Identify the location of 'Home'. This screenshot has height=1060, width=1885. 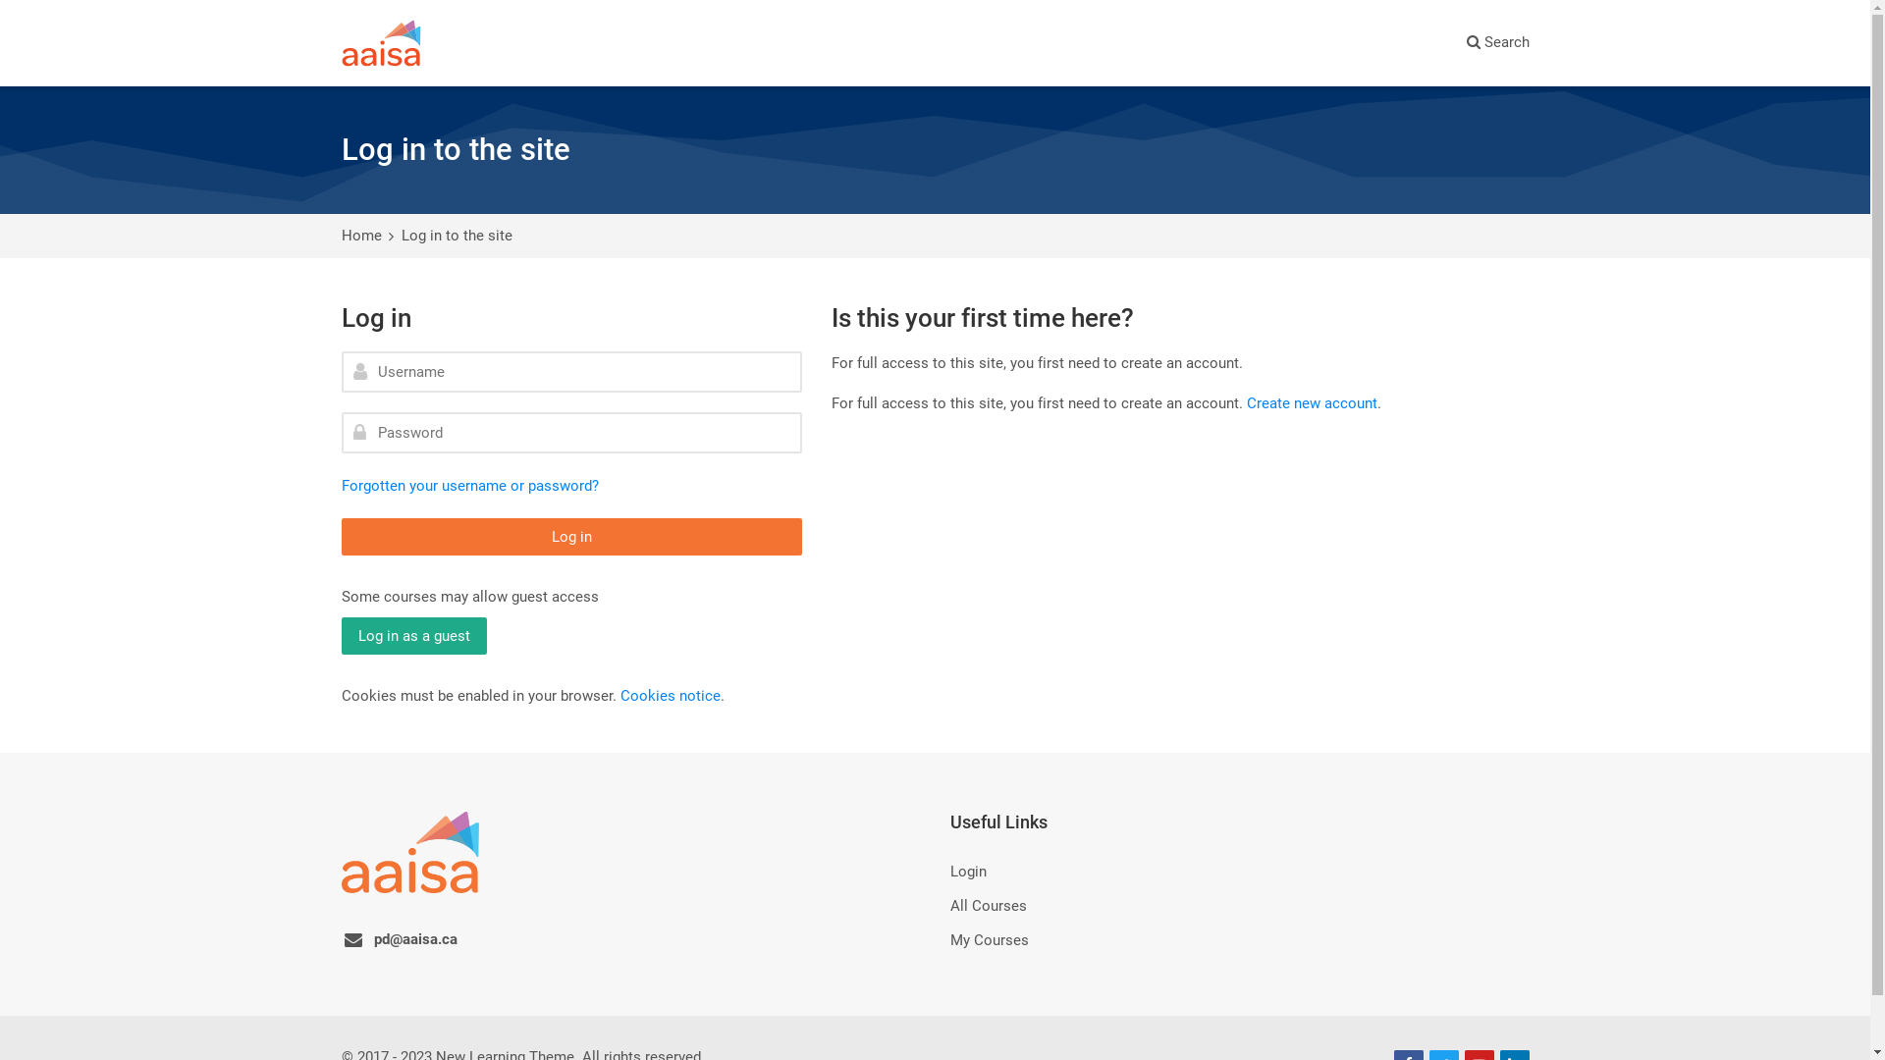
(341, 234).